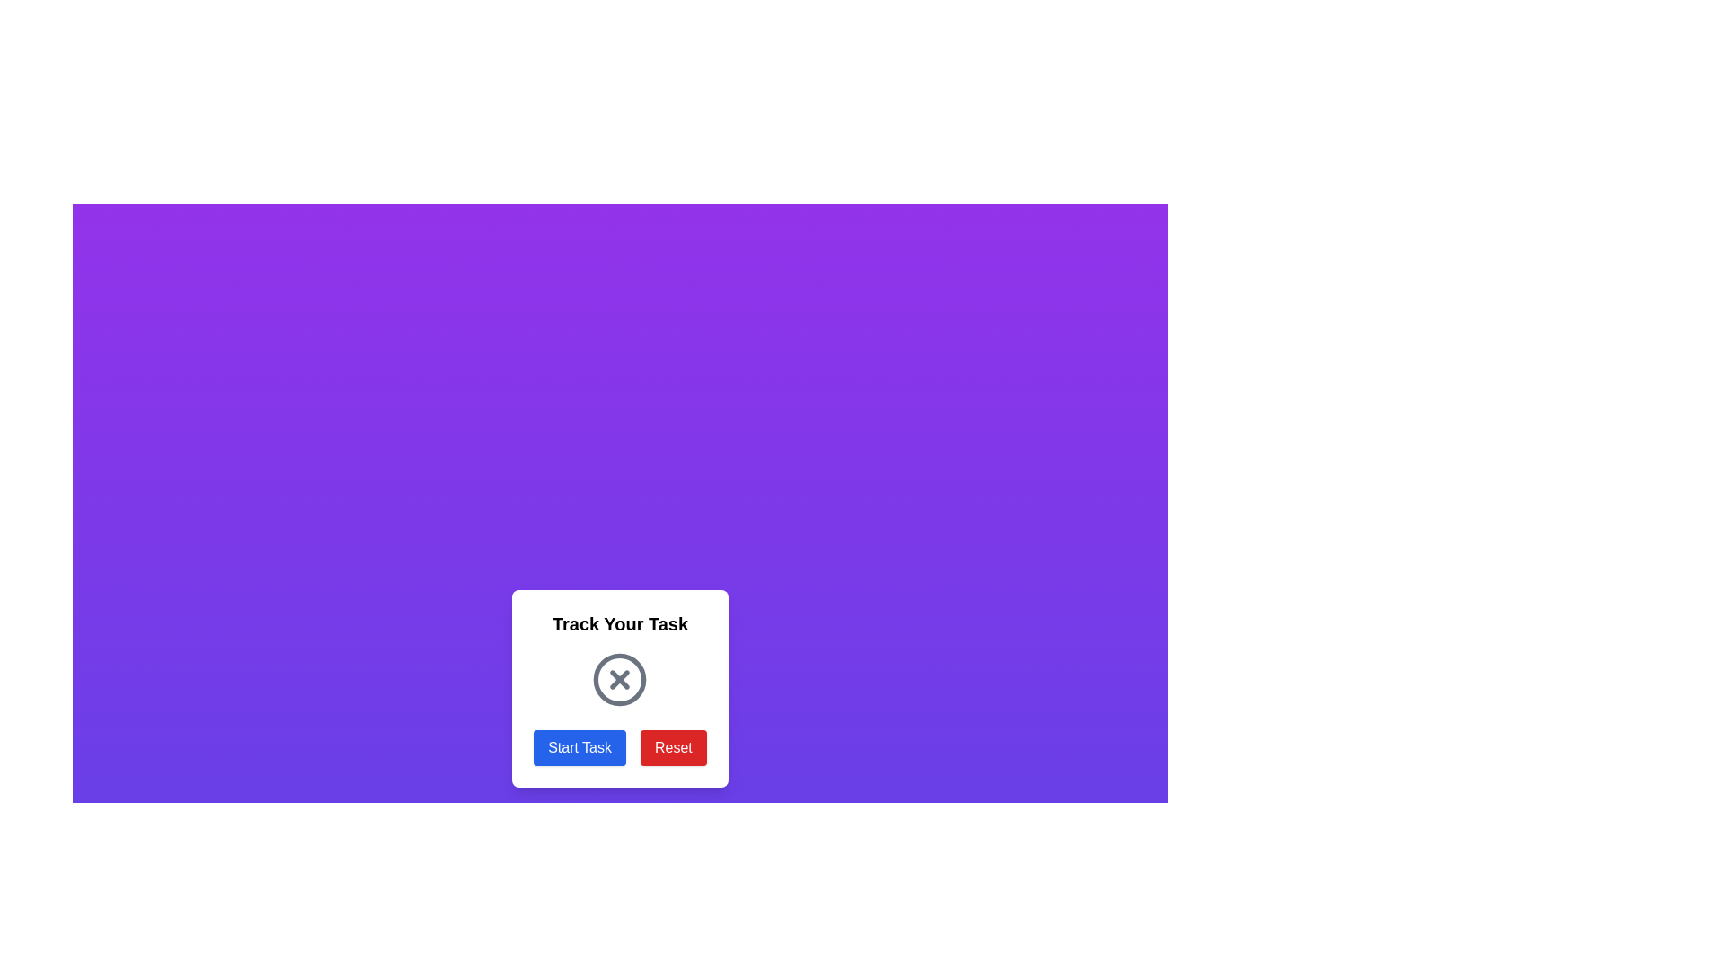 This screenshot has width=1725, height=970. What do you see at coordinates (620, 679) in the screenshot?
I see `the 'X' icon representing the close or cancel functionality located at the center of the circular icon below the text 'Track Your Task'` at bounding box center [620, 679].